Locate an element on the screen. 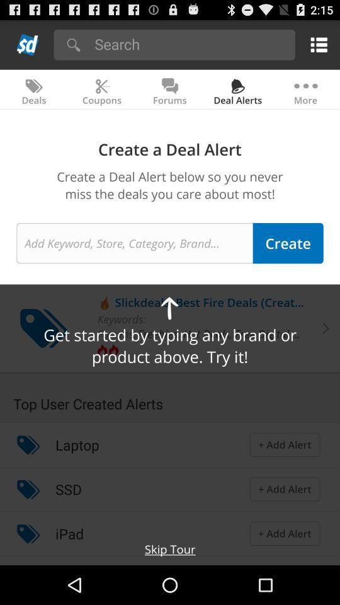 This screenshot has width=340, height=605. input search item is located at coordinates (190, 43).